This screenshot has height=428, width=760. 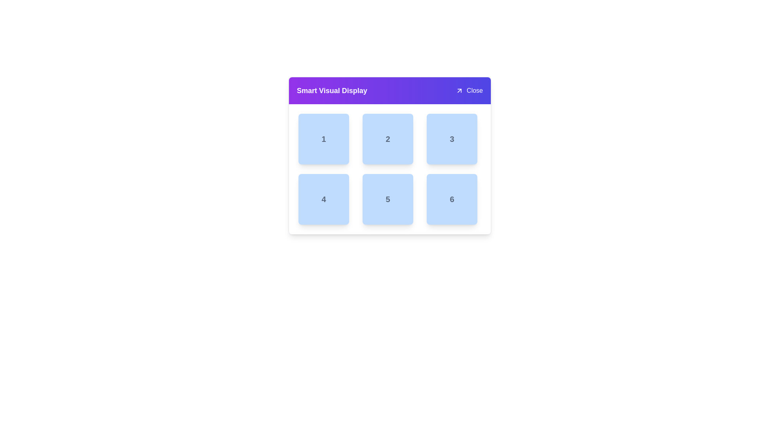 I want to click on the first labeled grid cell in the top-left corner of a 3x2 grid, so click(x=323, y=139).